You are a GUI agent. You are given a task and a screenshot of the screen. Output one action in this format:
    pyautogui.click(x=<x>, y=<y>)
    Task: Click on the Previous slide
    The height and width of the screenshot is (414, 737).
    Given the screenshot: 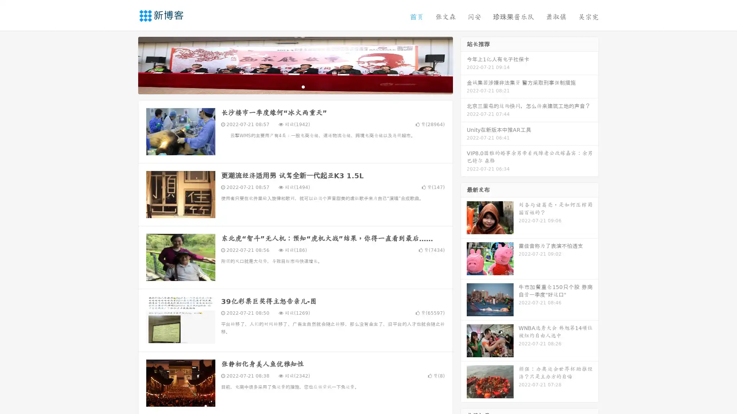 What is the action you would take?
    pyautogui.click(x=127, y=64)
    